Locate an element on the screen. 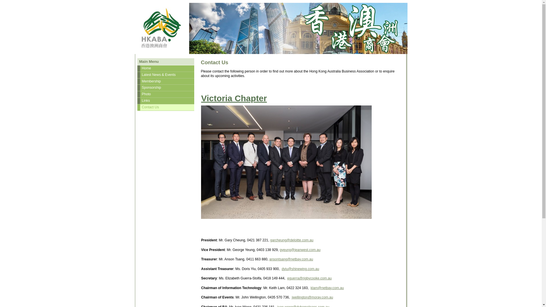 This screenshot has width=546, height=307. 'garcheung@deloitte.com.au' is located at coordinates (292, 240).